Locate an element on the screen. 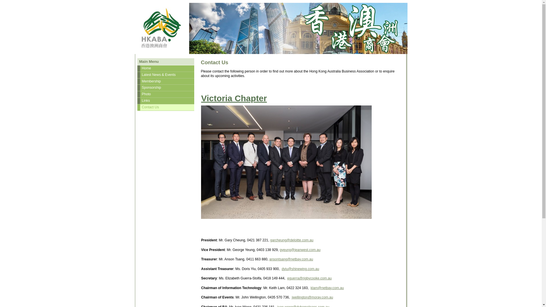 This screenshot has width=546, height=307. 'garcheung@deloitte.com.au' is located at coordinates (292, 240).